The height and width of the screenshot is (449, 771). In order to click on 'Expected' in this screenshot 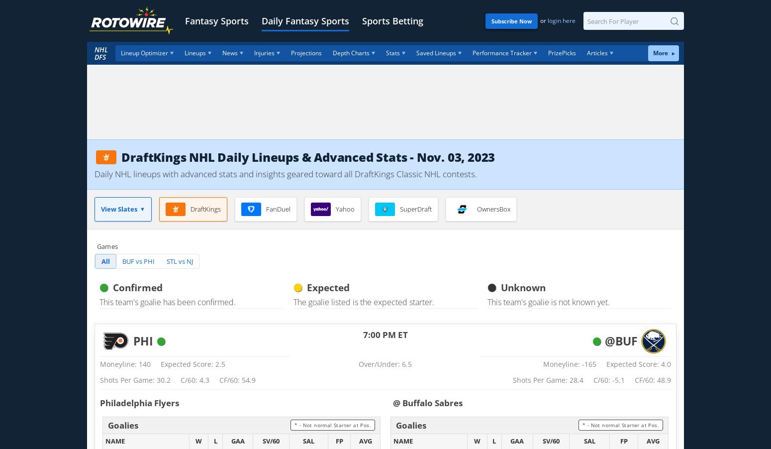, I will do `click(327, 287)`.